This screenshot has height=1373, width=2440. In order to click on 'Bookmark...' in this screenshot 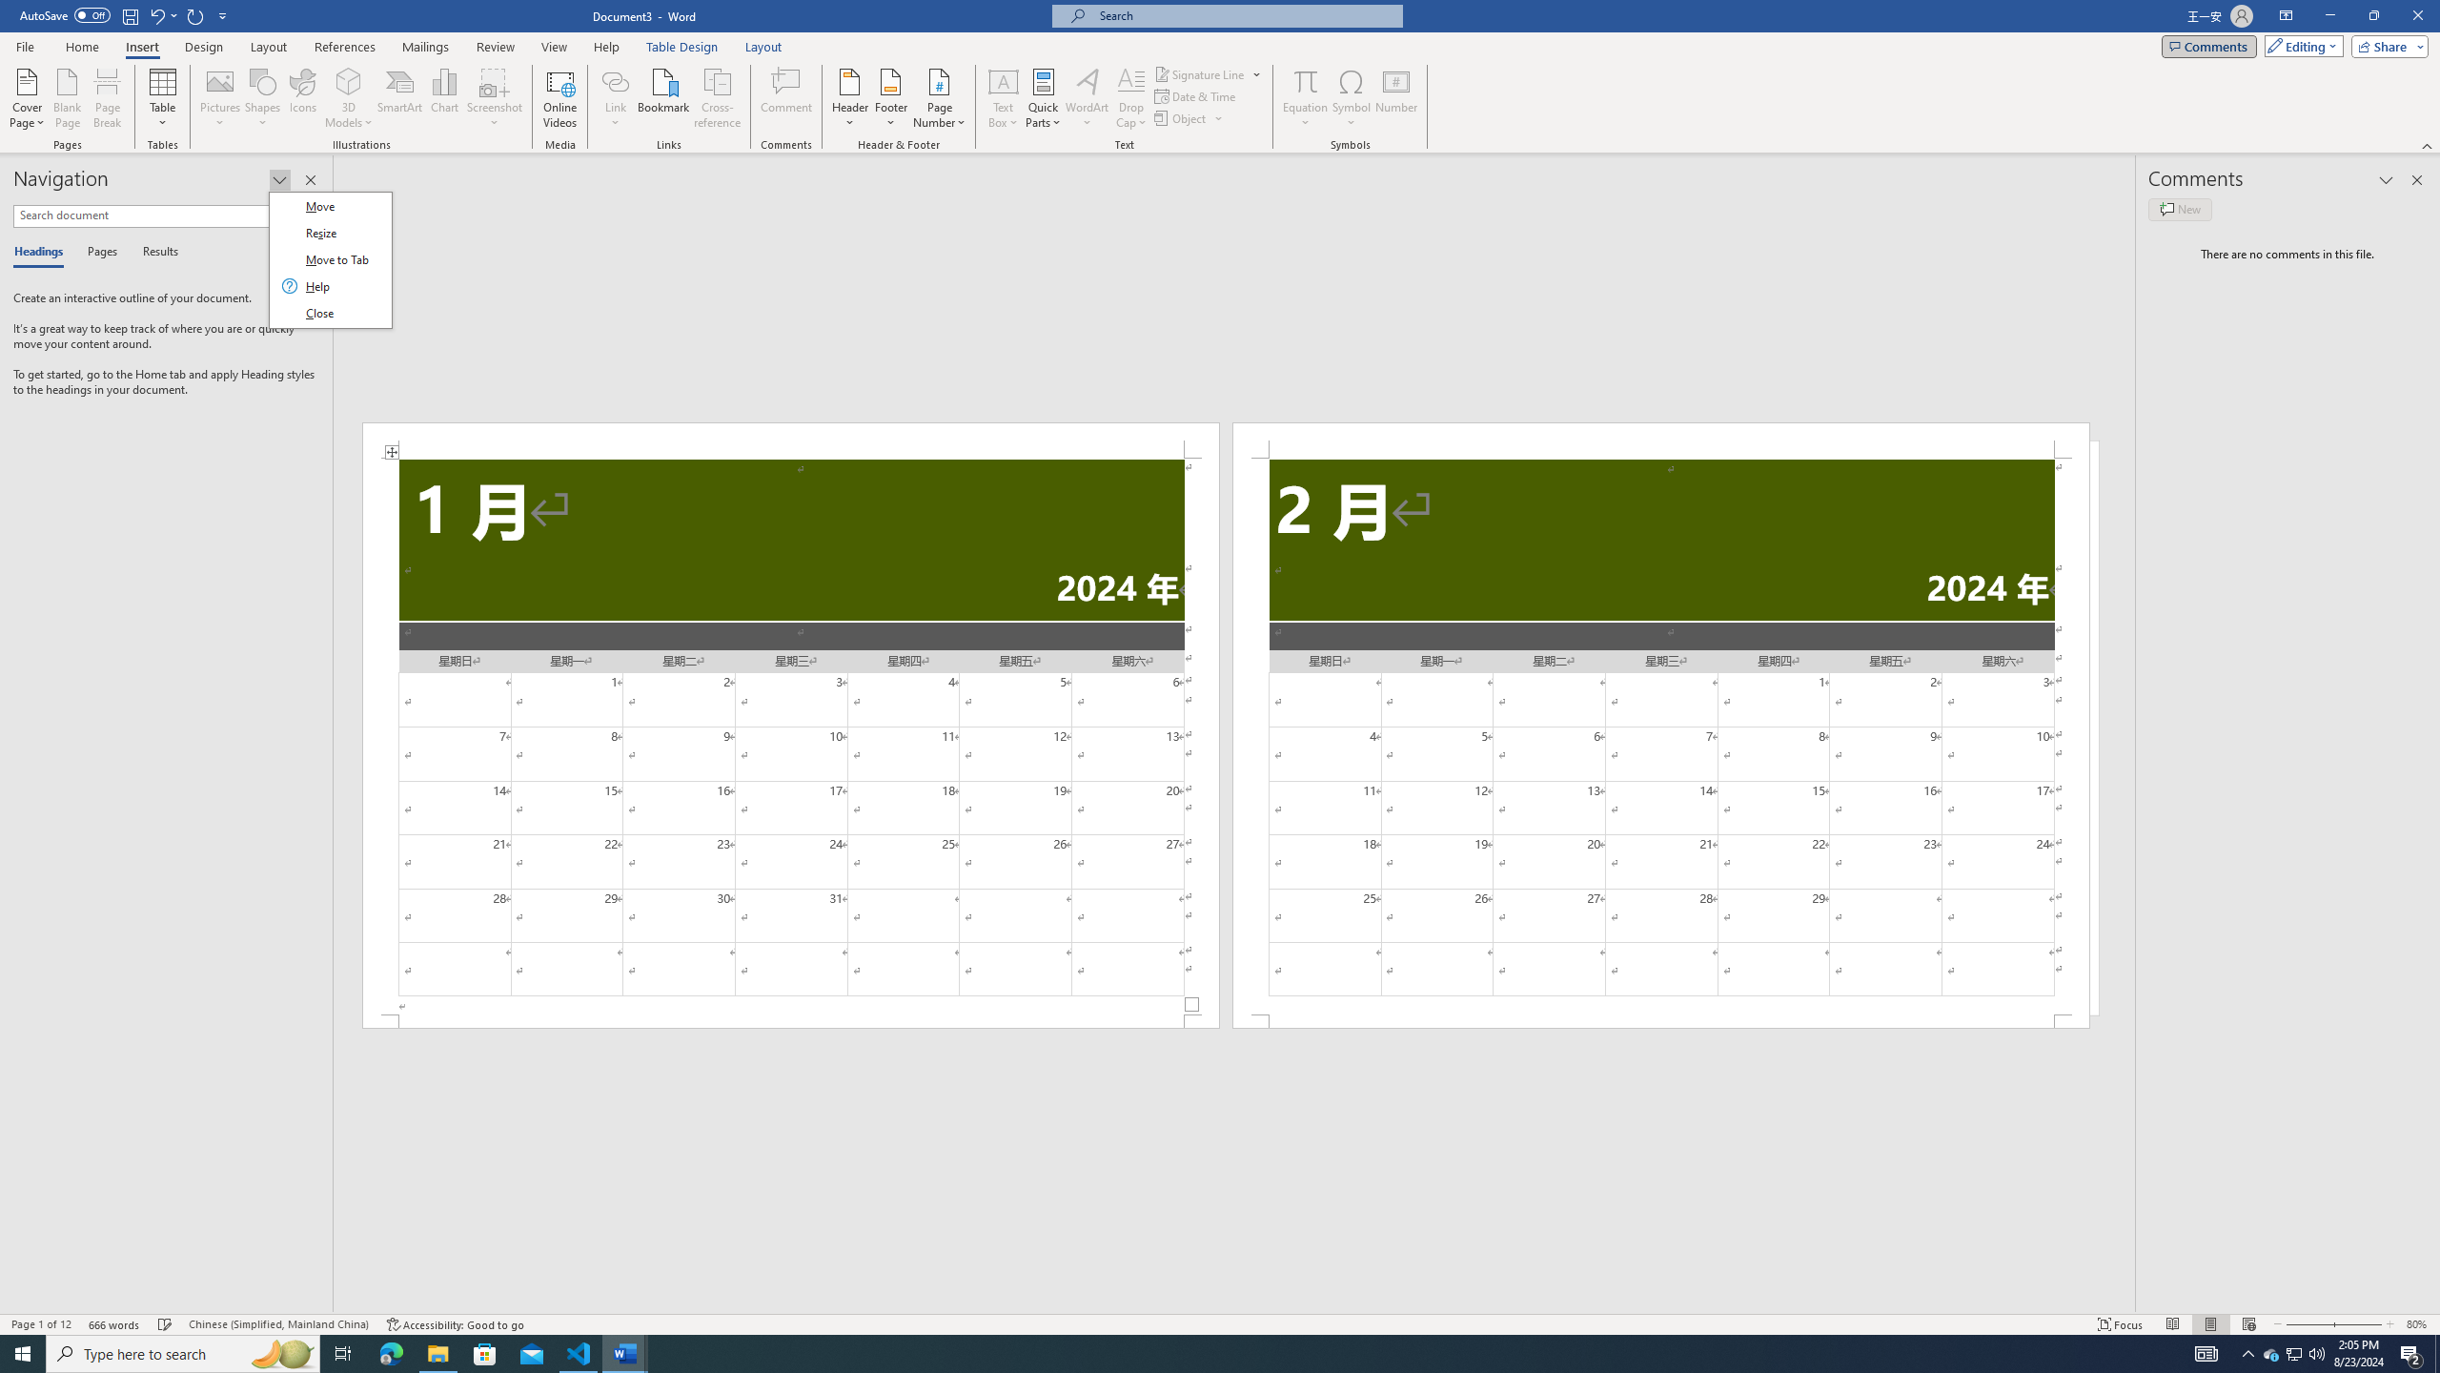, I will do `click(664, 98)`.